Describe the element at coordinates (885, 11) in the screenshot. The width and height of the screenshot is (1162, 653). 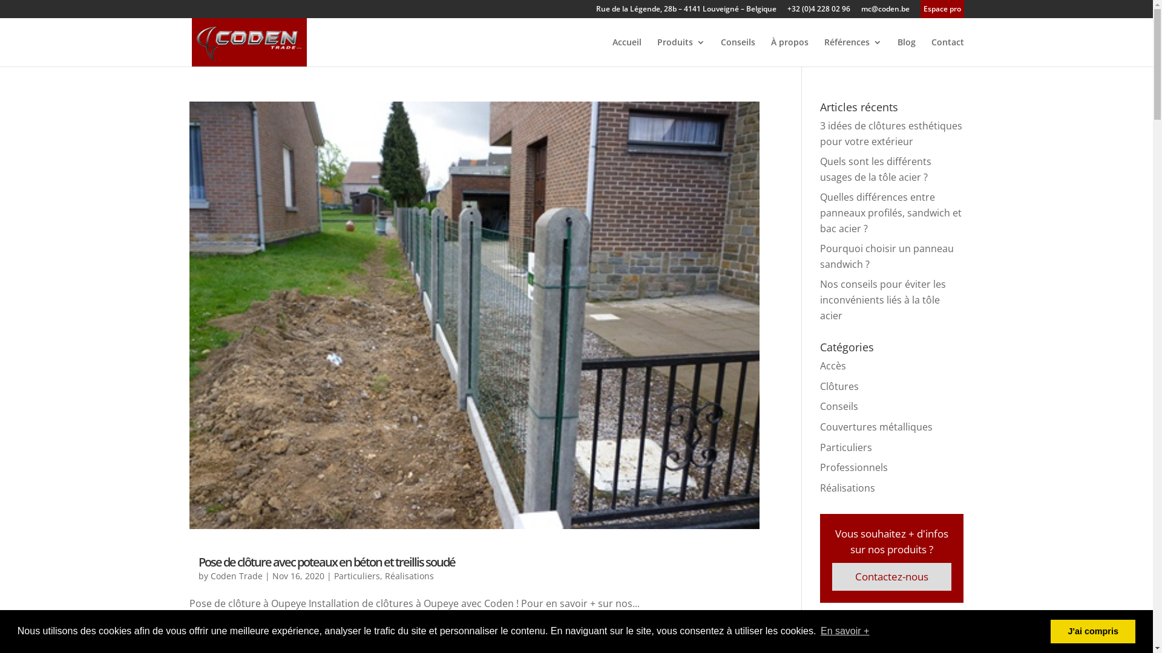
I see `'mc@coden.be'` at that location.